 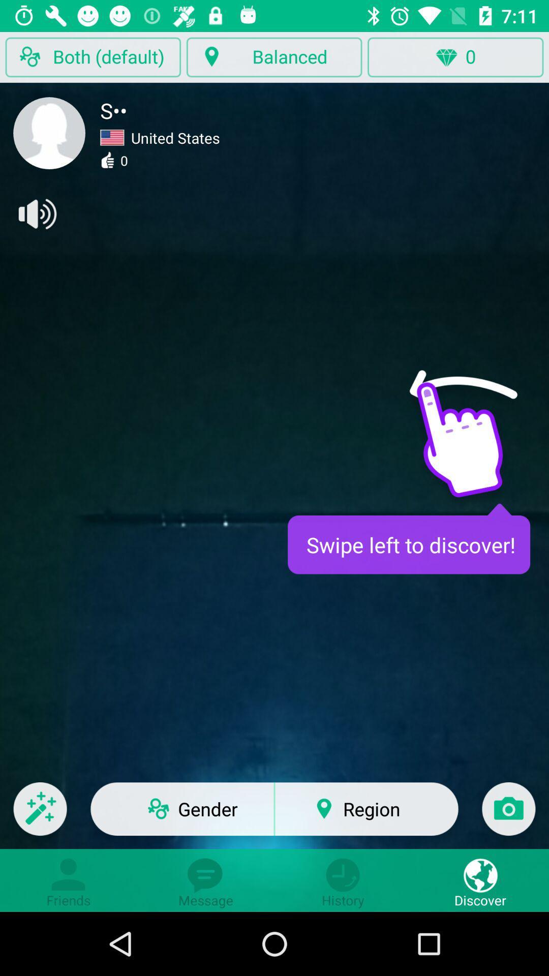 I want to click on button left to 0, so click(x=274, y=57).